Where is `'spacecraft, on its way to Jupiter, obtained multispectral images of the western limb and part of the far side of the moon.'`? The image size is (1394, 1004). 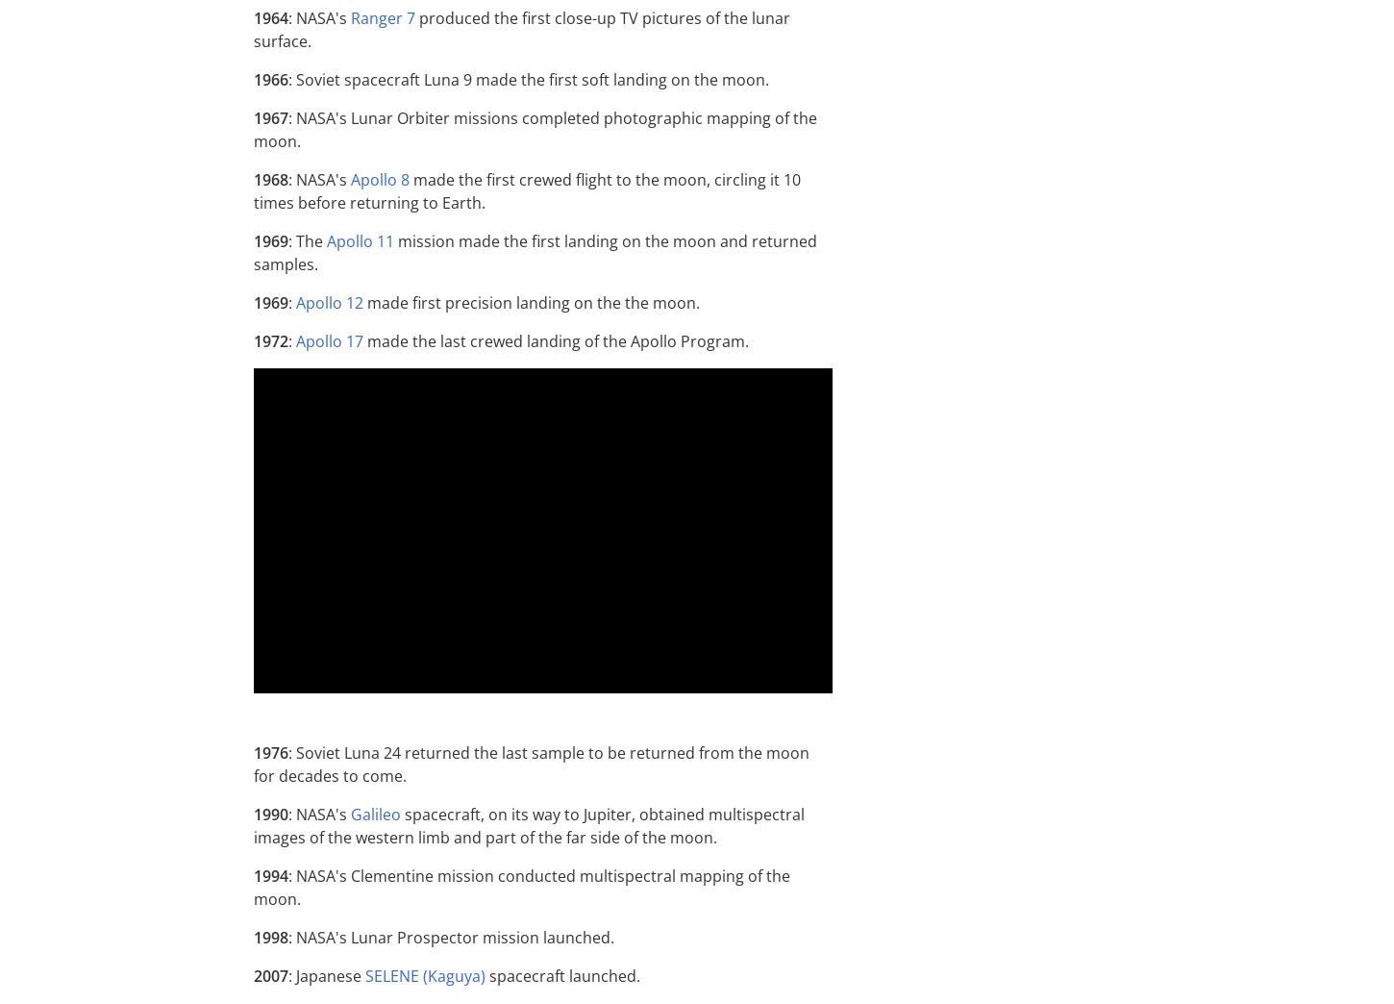
'spacecraft, on its way to Jupiter, obtained multispectral images of the western limb and part of the far side of the moon.' is located at coordinates (254, 826).